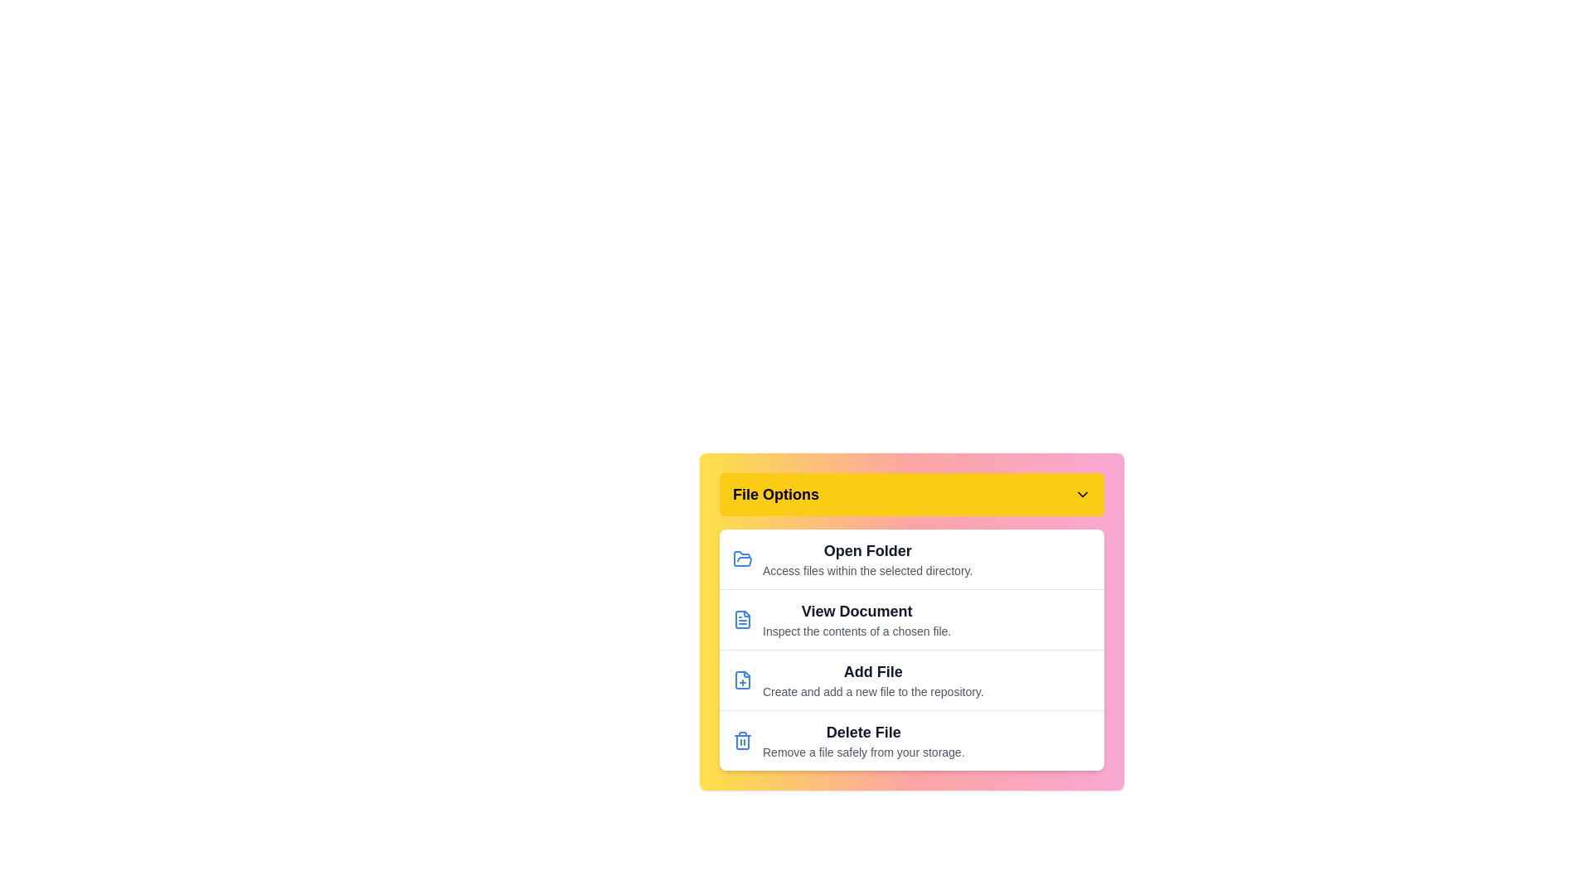  What do you see at coordinates (862, 752) in the screenshot?
I see `the textual description that reads 'Remove a file safely from your storage.' located below the bold title 'Delete File' in the 'File Options' menu` at bounding box center [862, 752].